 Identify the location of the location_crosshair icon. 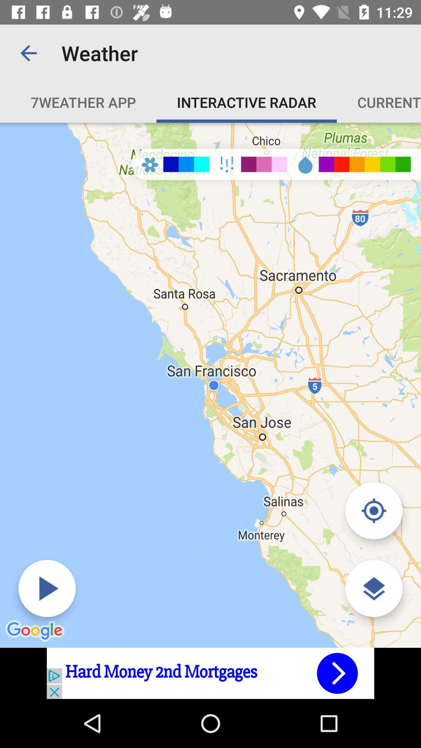
(373, 510).